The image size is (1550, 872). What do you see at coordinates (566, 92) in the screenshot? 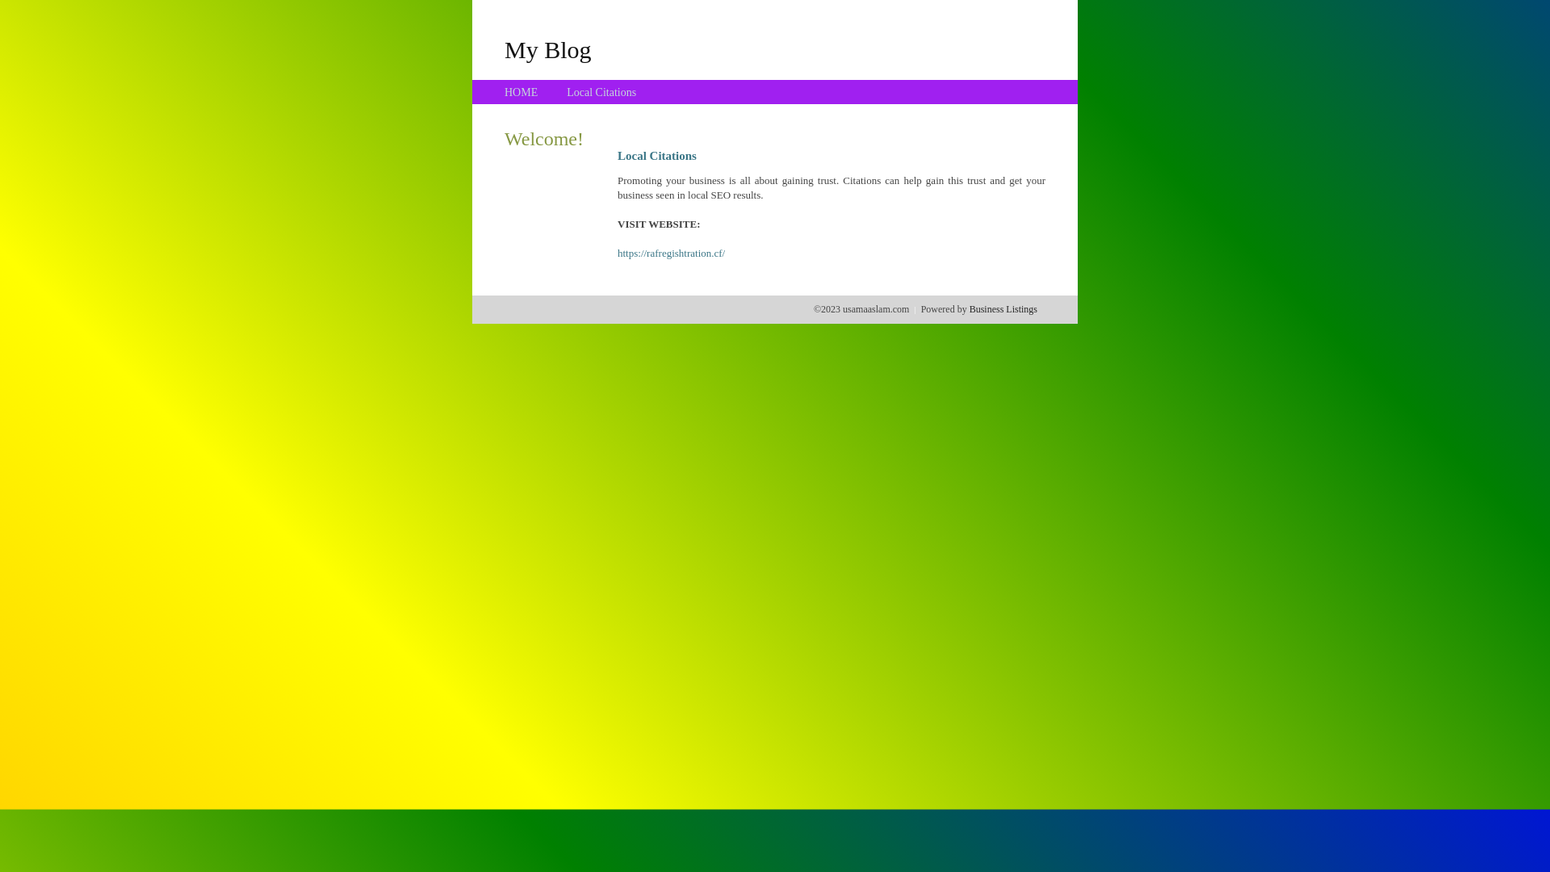
I see `'Local Citations'` at bounding box center [566, 92].